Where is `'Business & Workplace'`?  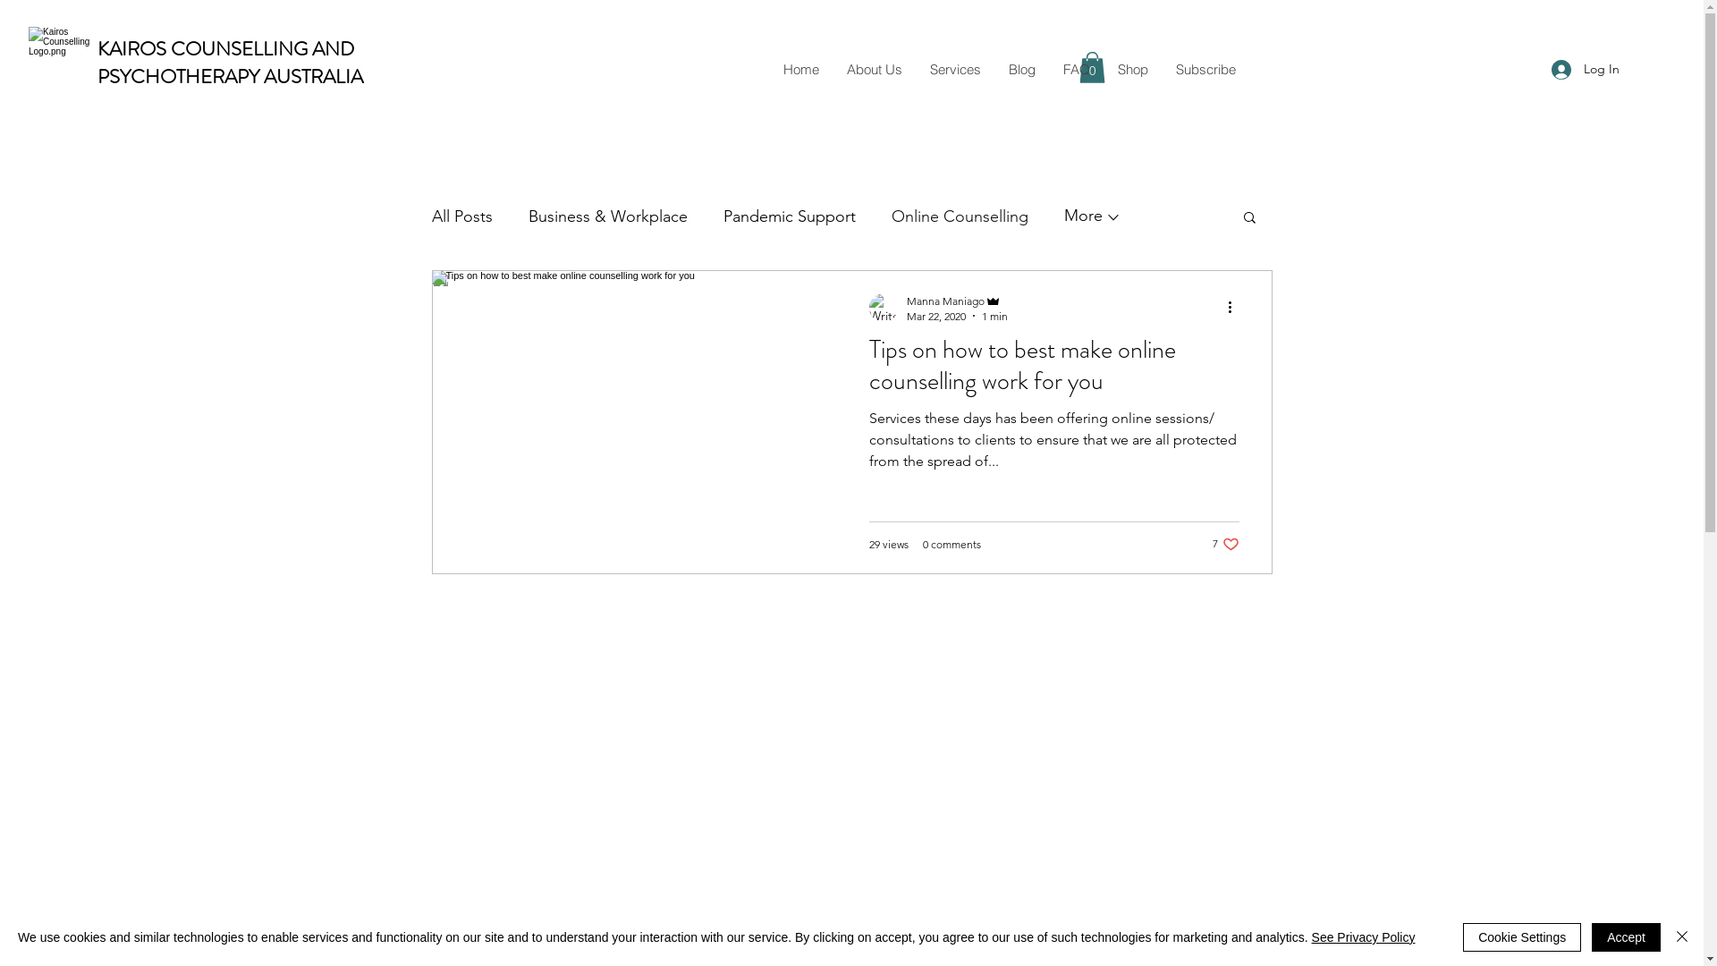
'Business & Workplace' is located at coordinates (606, 216).